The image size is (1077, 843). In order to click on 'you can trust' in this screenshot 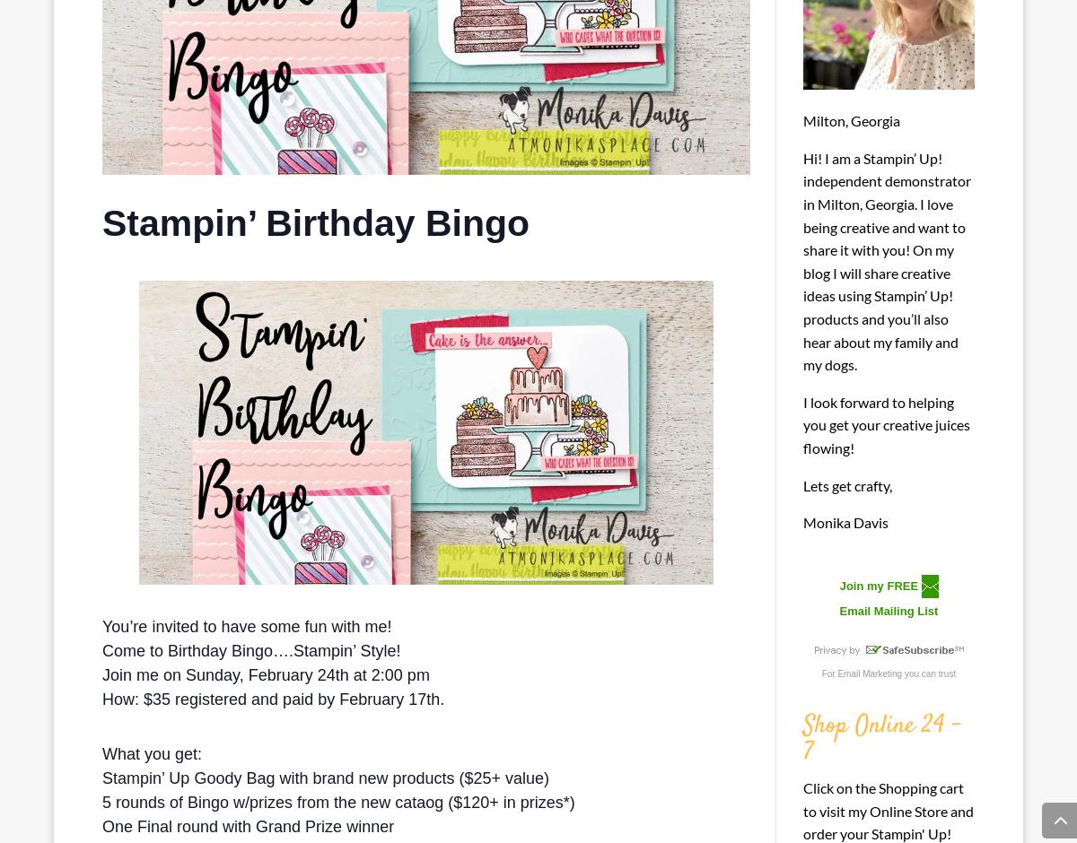, I will do `click(902, 672)`.